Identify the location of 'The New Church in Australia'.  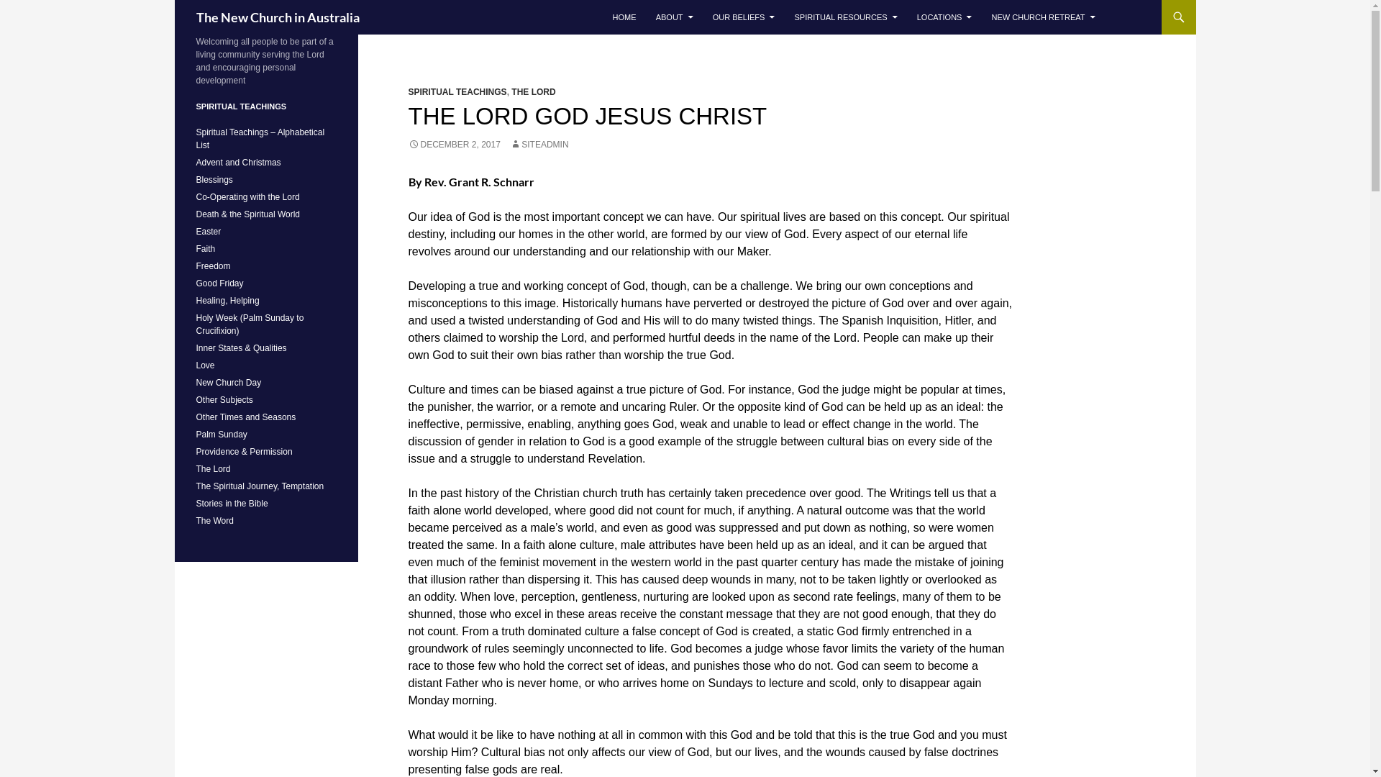
(277, 17).